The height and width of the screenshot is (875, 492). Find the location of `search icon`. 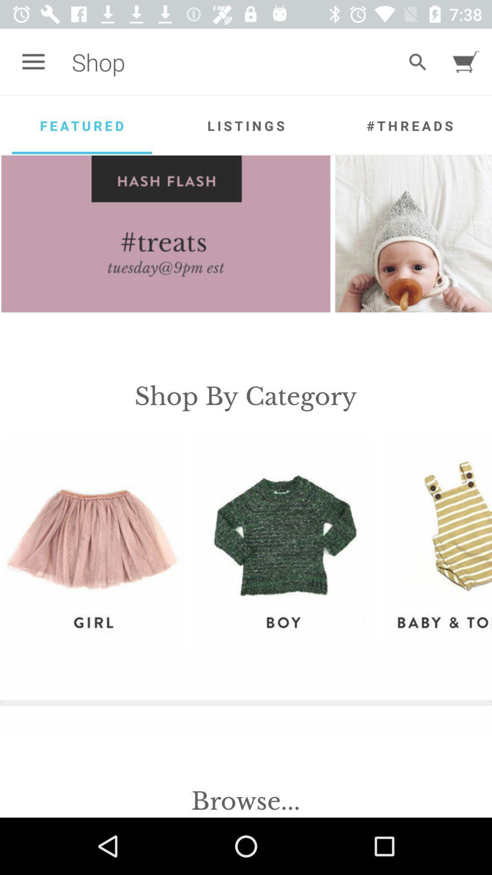

search icon is located at coordinates (418, 61).